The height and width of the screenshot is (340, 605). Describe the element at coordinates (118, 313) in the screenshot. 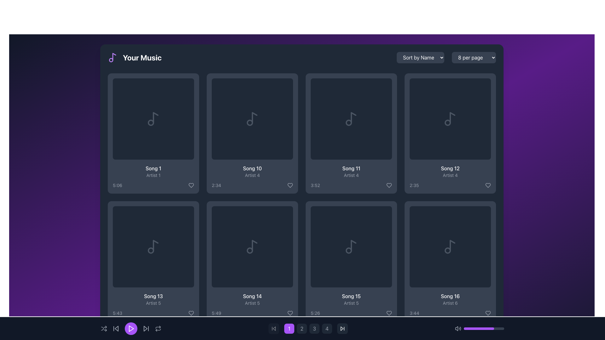

I see `the text label displaying the duration of the associated song located at the bottom-left of the card for 'Song 13' and 'Artist 5', to the left of the heart icon` at that location.